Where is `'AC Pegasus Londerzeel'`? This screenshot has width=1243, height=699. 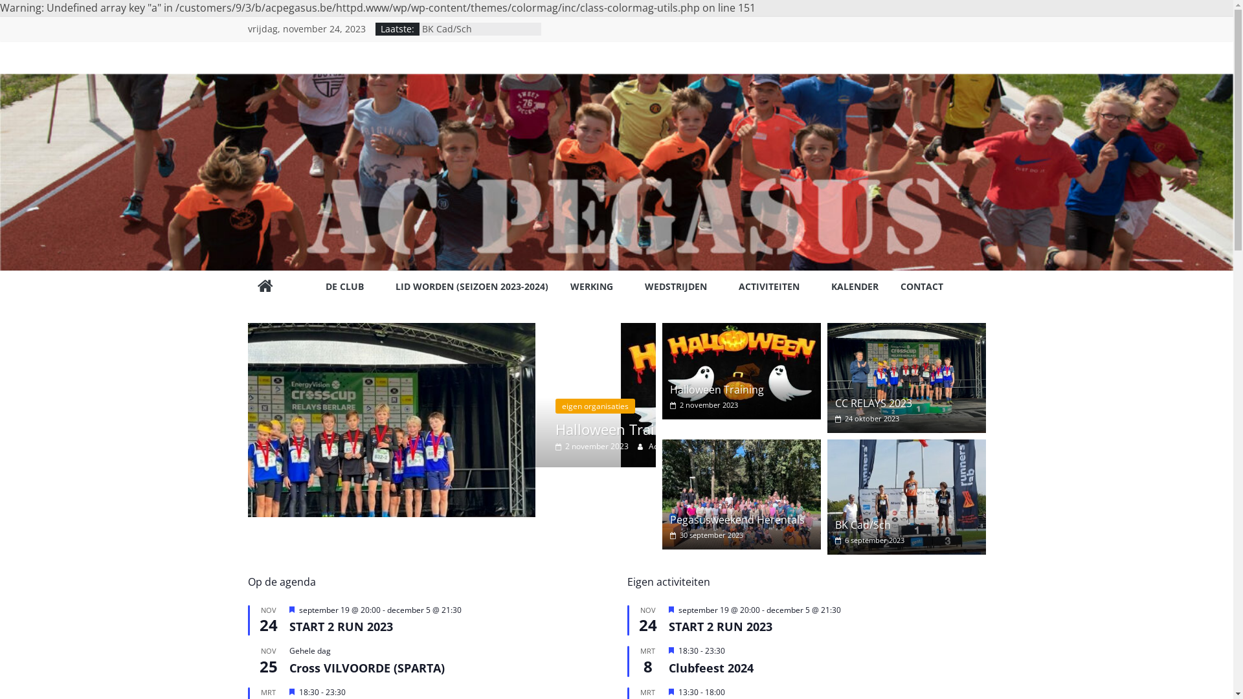
'AC Pegasus Londerzeel' is located at coordinates (263, 286).